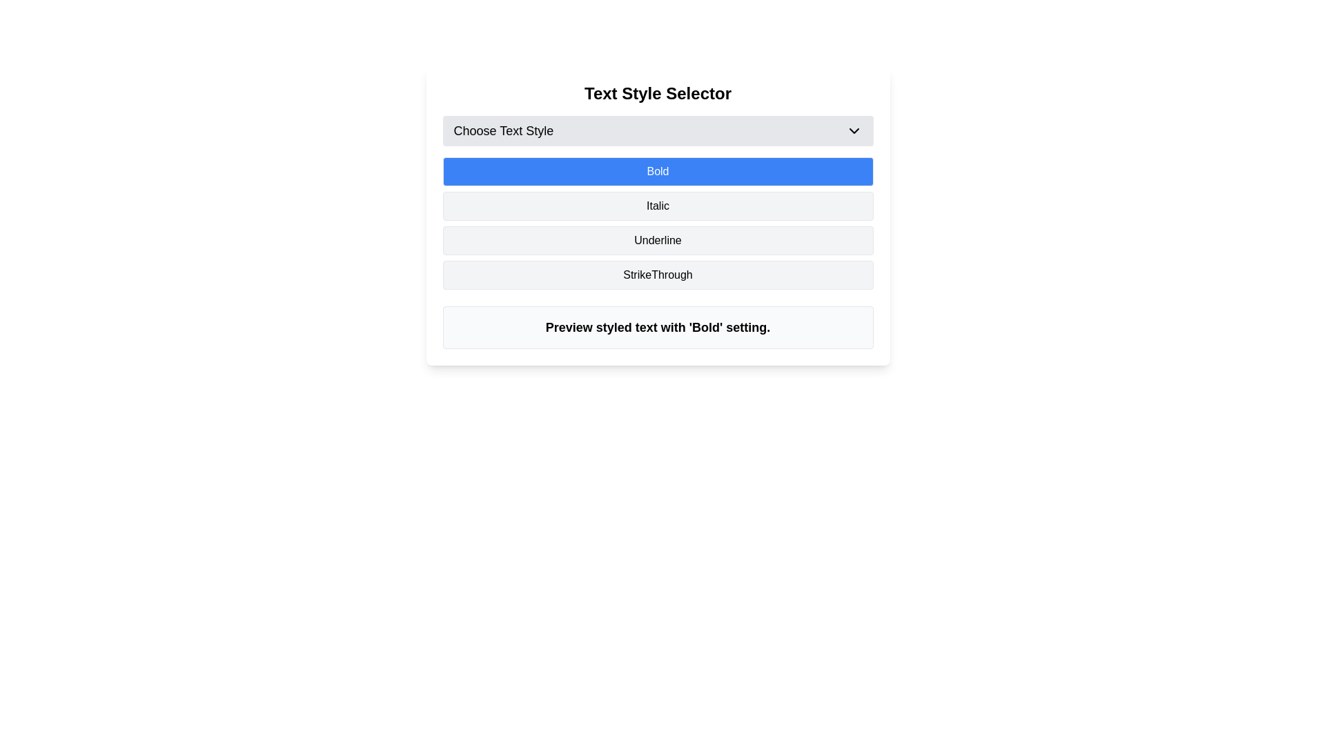 Image resolution: width=1325 pixels, height=745 pixels. Describe the element at coordinates (657, 171) in the screenshot. I see `the 'Bold' button, which is the first button in a vertical group of four buttons` at that location.